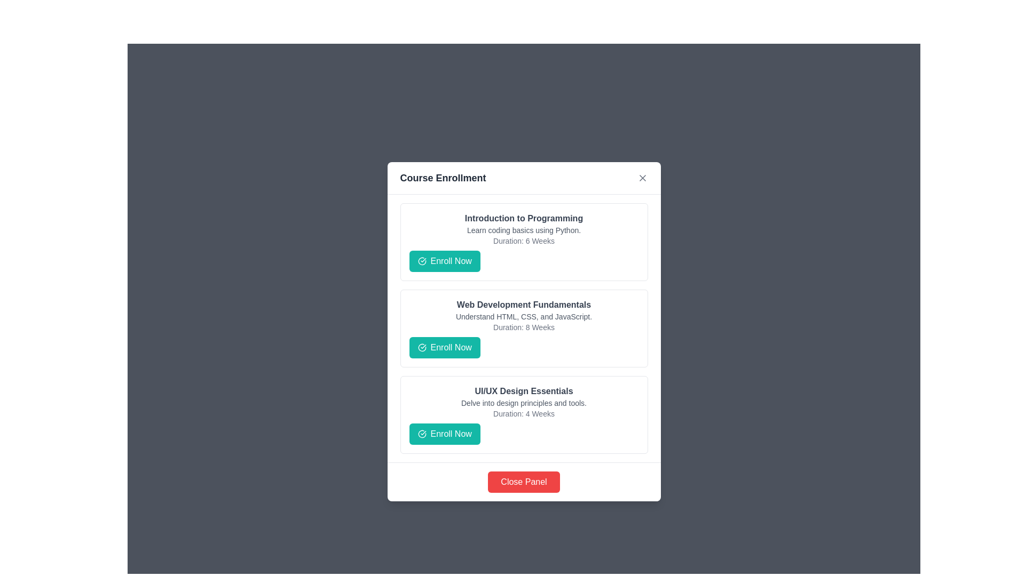  What do you see at coordinates (524, 242) in the screenshot?
I see `course information displayed on the topmost Information Card in the Course Enrollment modal, which includes the course title, brief description, and duration` at bounding box center [524, 242].